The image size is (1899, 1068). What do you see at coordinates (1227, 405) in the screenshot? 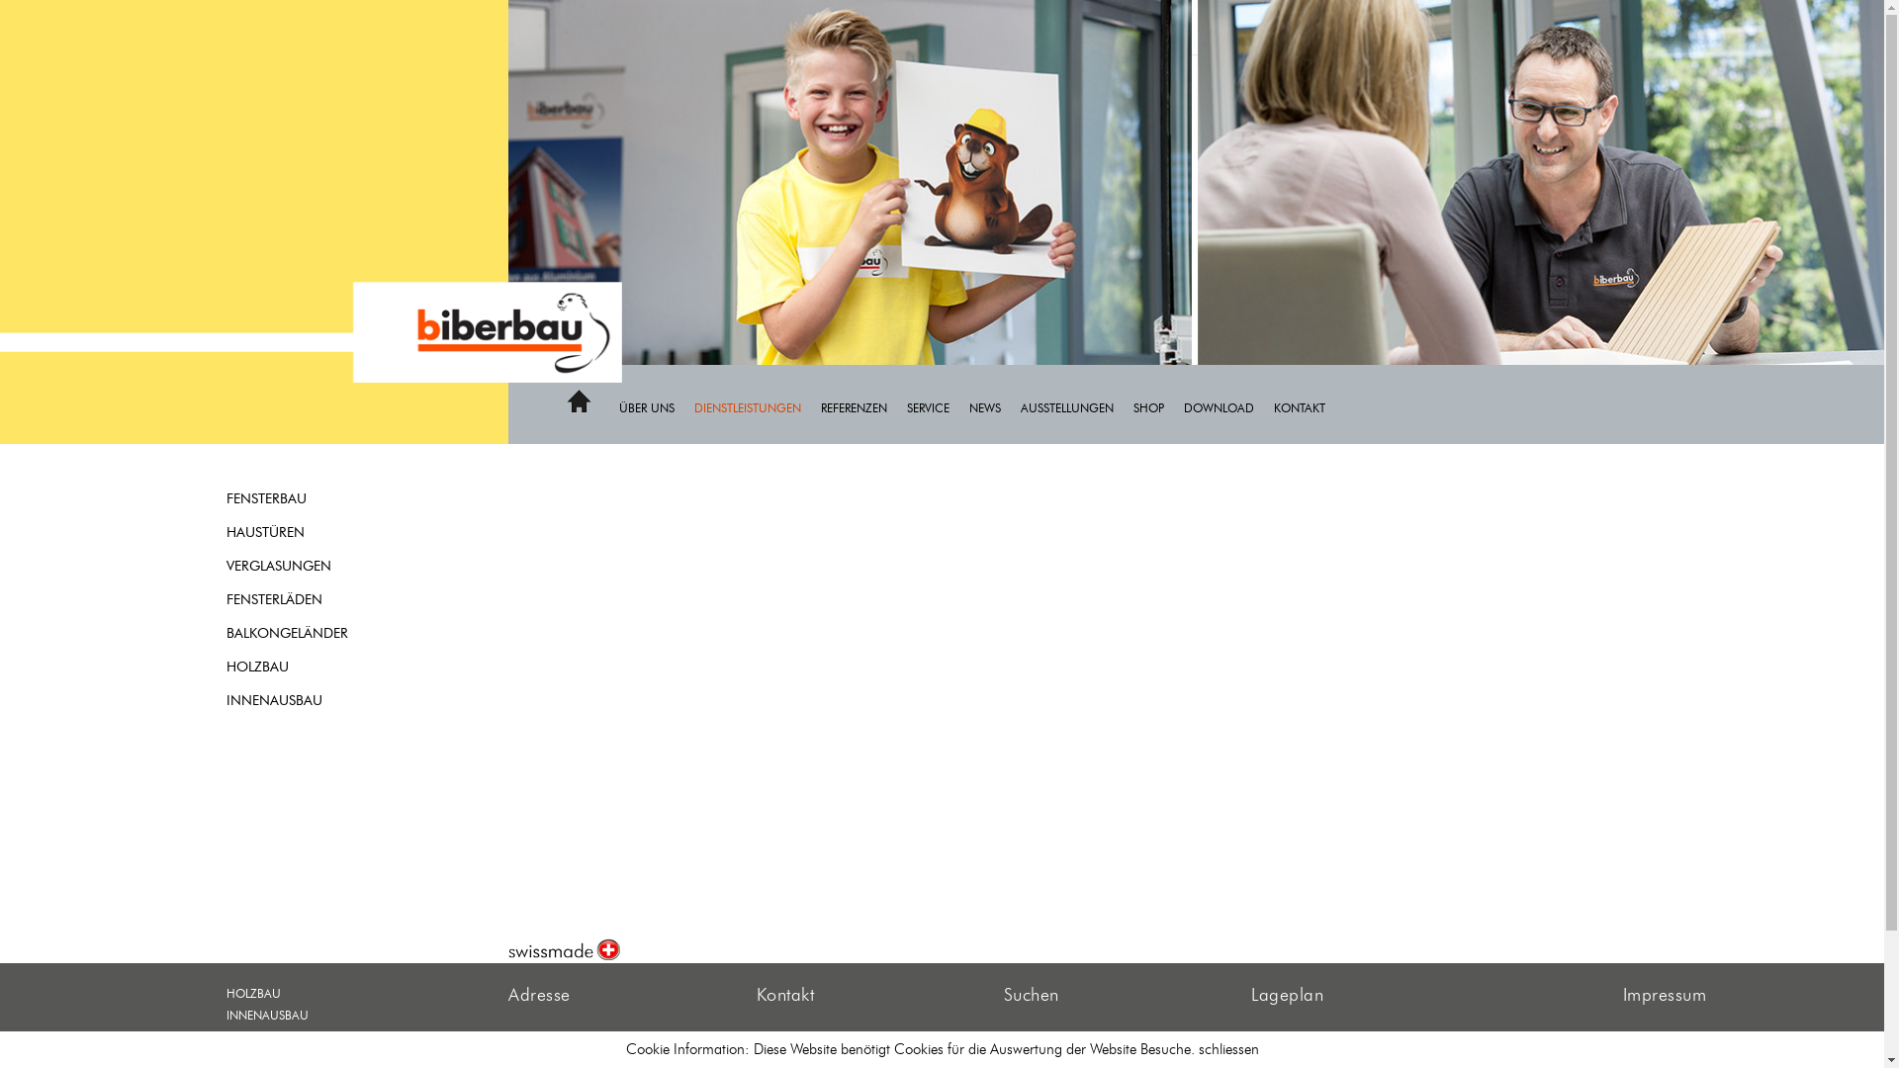
I see `'DOWNLOAD'` at bounding box center [1227, 405].